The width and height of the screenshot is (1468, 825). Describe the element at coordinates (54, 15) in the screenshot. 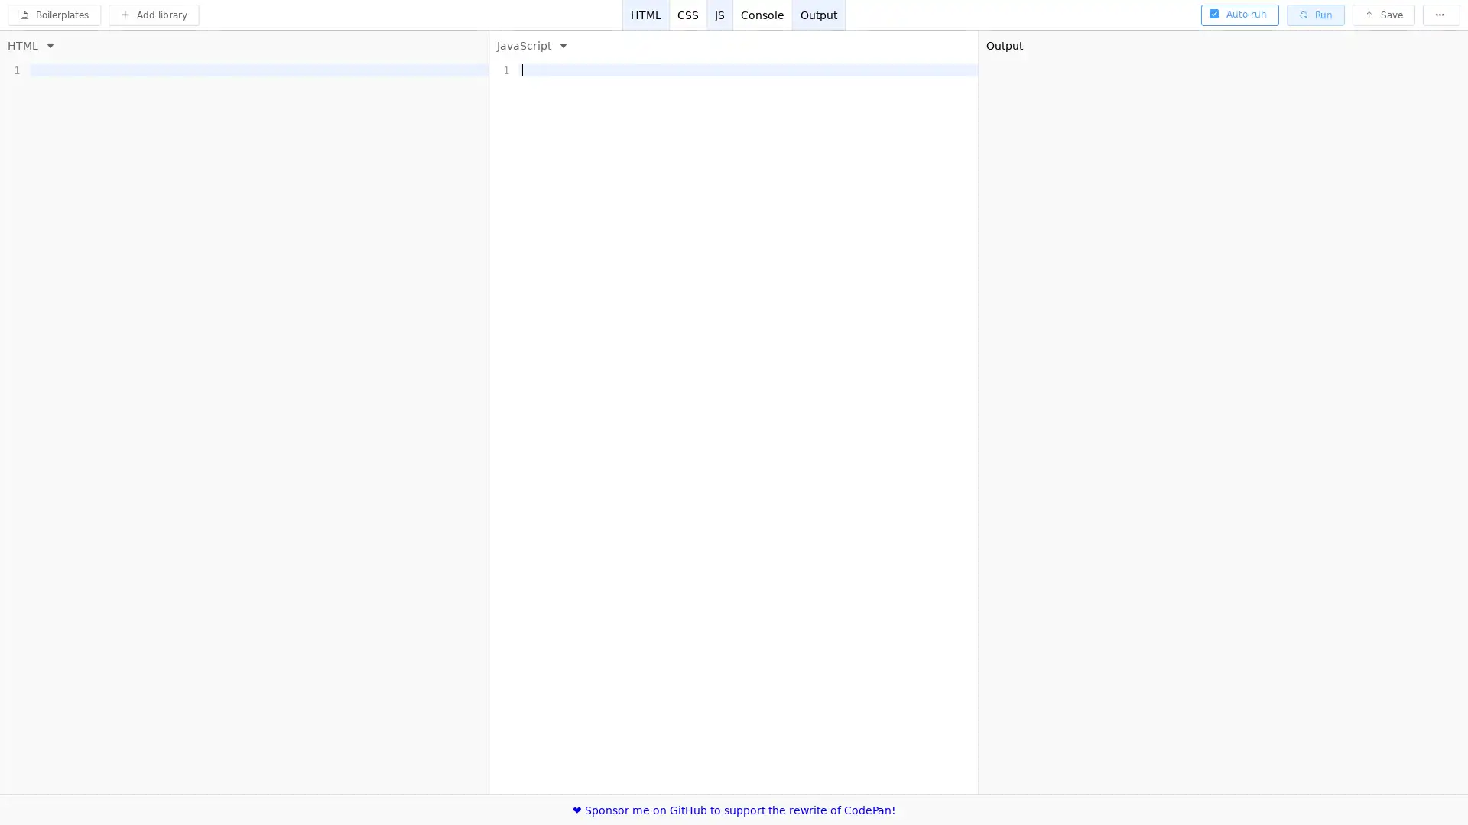

I see `Boilerplates` at that location.